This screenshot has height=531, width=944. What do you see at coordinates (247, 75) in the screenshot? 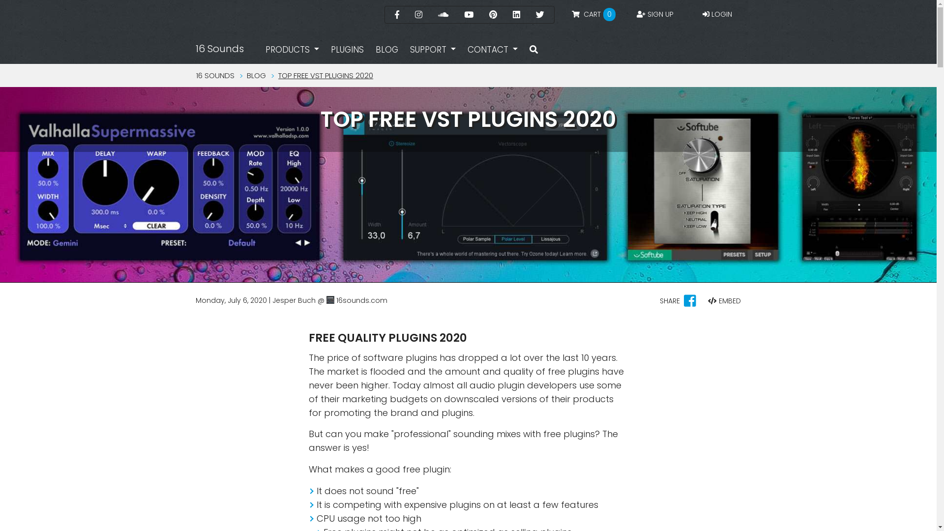
I see `'BLOG'` at bounding box center [247, 75].